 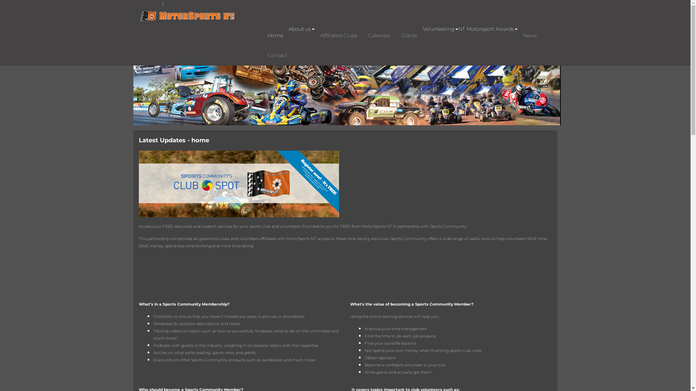 I want to click on 'Home', so click(x=274, y=35).